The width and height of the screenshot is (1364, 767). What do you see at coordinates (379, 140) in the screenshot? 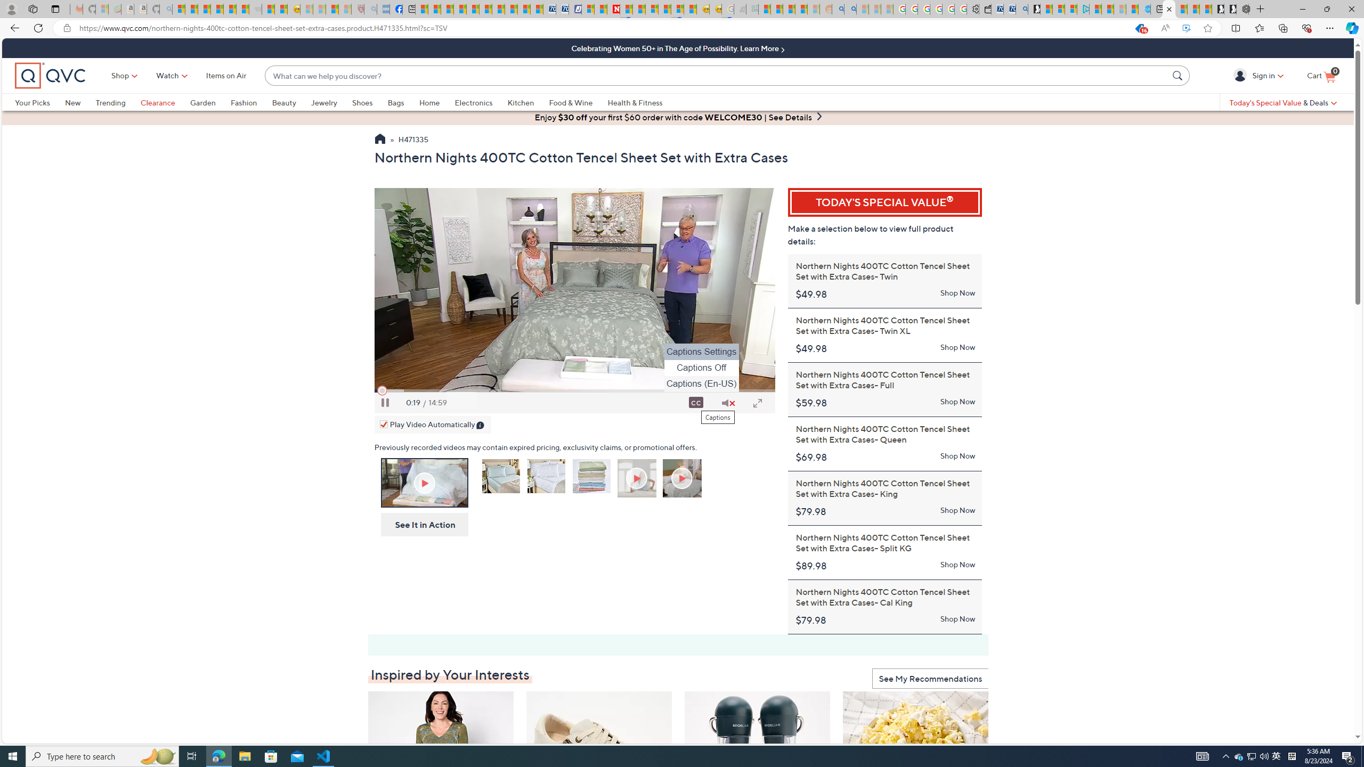
I see `'Return to QVC Homepage'` at bounding box center [379, 140].